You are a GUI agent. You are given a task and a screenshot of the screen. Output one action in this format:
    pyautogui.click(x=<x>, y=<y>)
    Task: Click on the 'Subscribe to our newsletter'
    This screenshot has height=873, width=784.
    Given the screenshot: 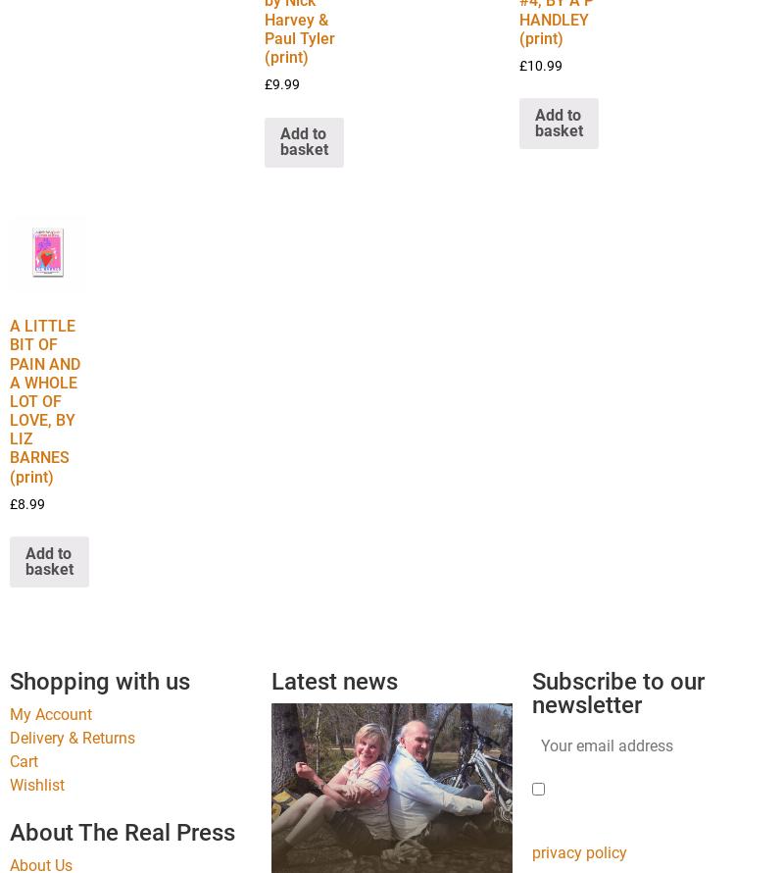 What is the action you would take?
    pyautogui.click(x=618, y=692)
    